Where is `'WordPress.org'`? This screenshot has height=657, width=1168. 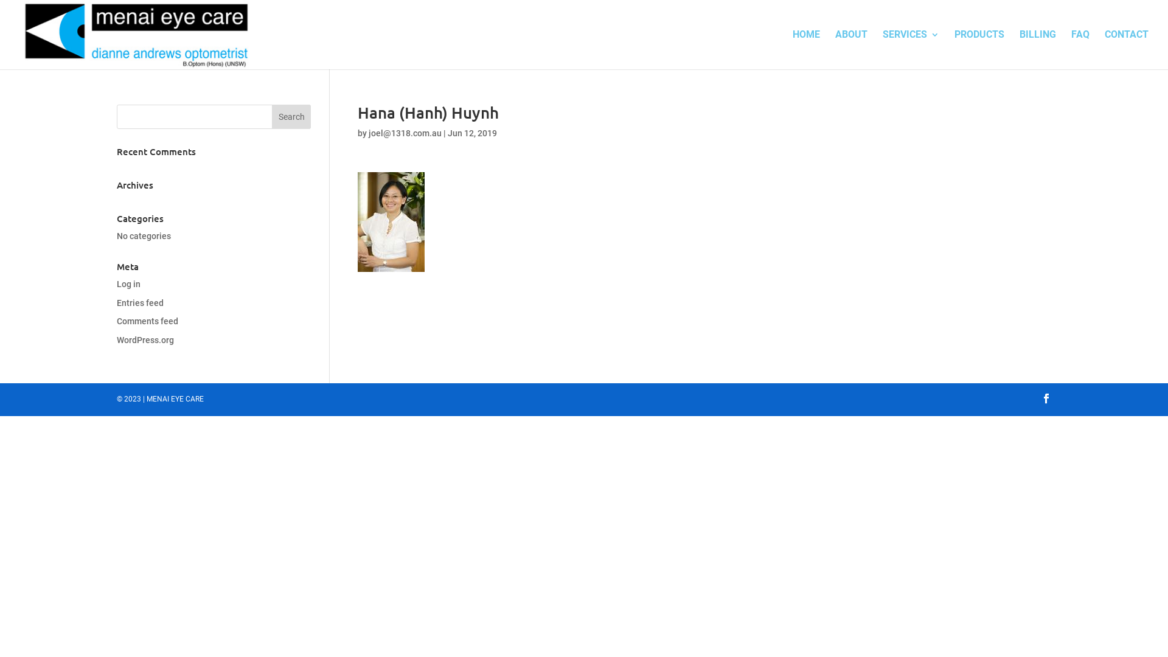 'WordPress.org' is located at coordinates (145, 340).